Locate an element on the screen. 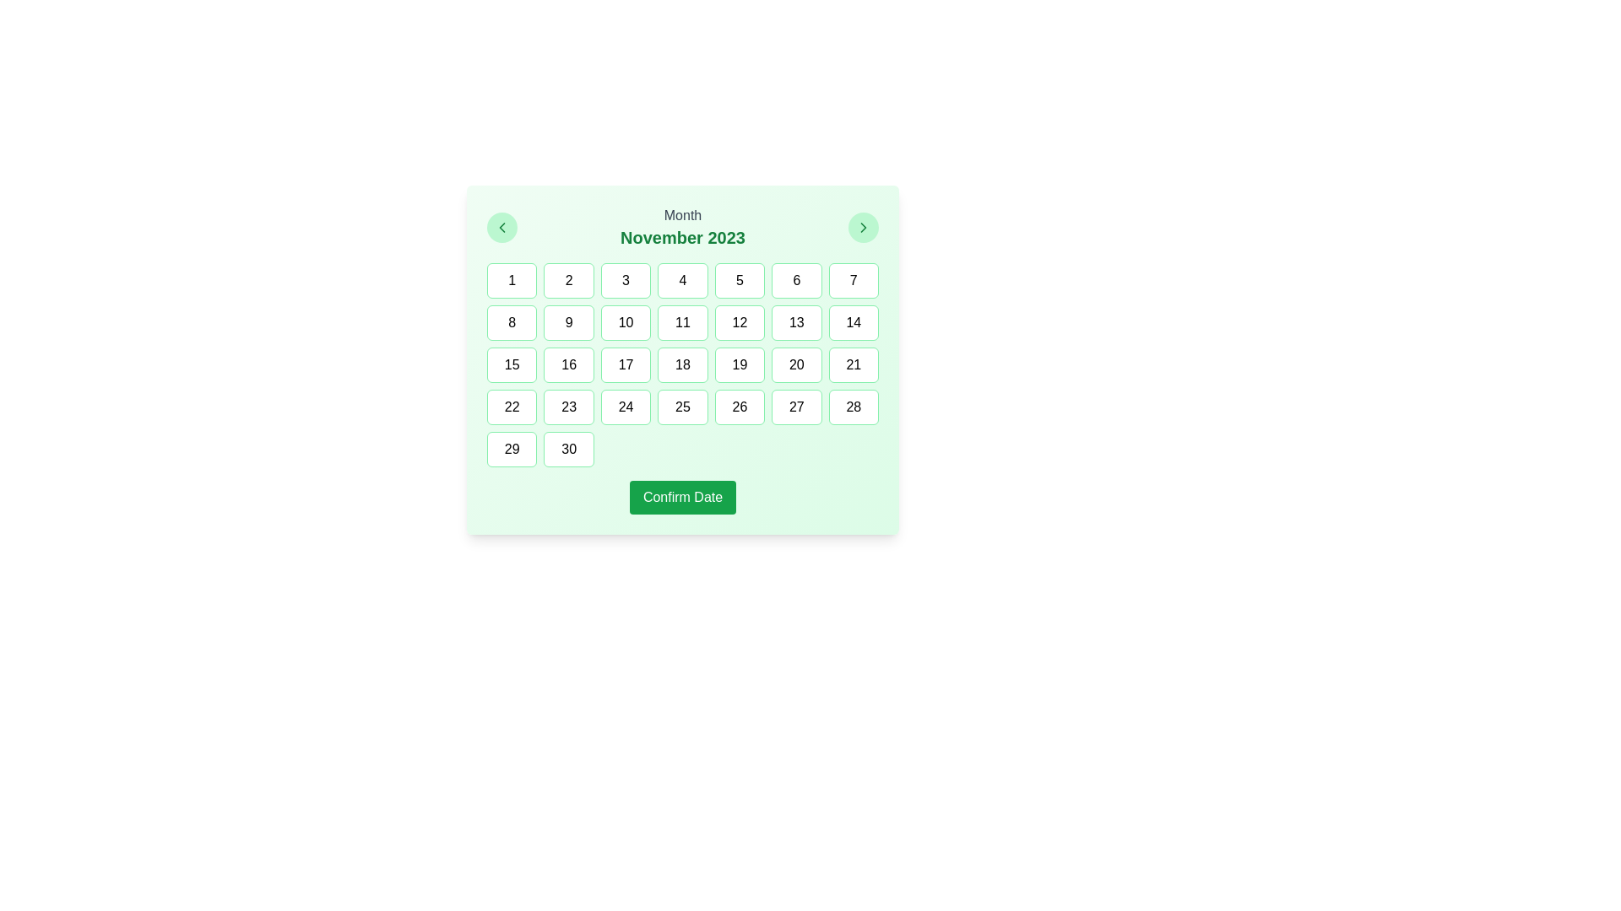 This screenshot has width=1621, height=911. the button representing the 29th day in the date selection grid is located at coordinates (511, 448).